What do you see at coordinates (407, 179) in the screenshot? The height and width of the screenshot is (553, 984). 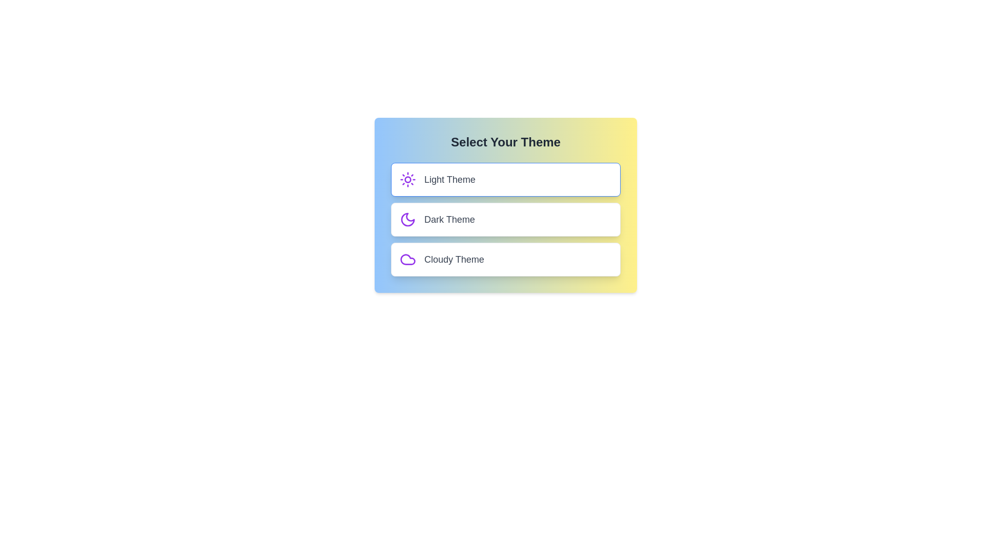 I see `the circular icon that is positioned at the center of the sun icon, which is to the left of the 'Light Theme' text in the theme selection interface` at bounding box center [407, 179].